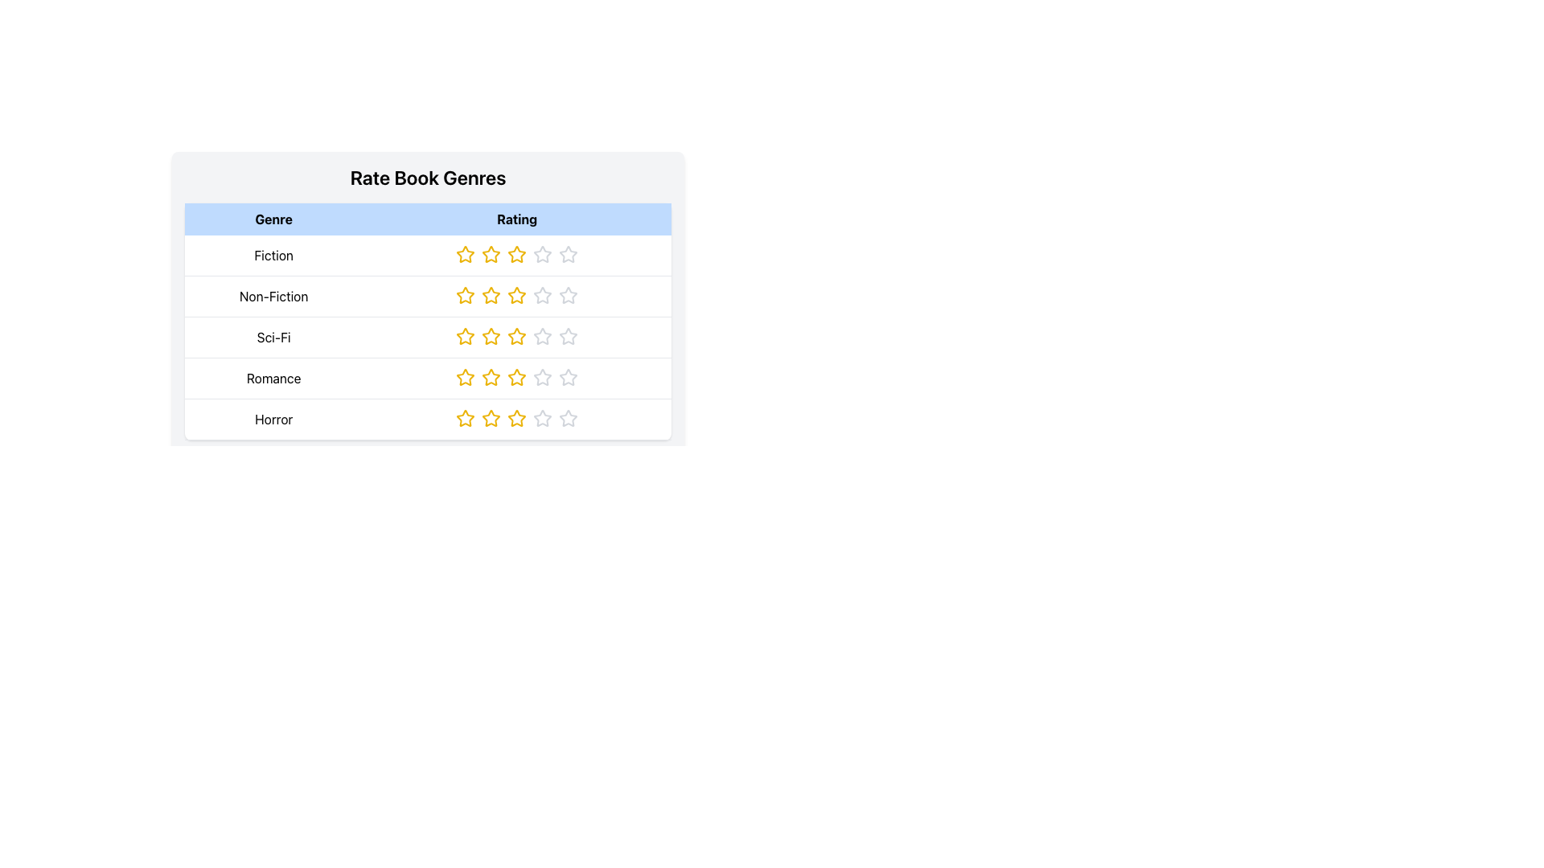 Image resolution: width=1544 pixels, height=868 pixels. What do you see at coordinates (273, 337) in the screenshot?
I see `the static text label representing the 'Sci-Fi' genre in the rating system, located in the third row of the table under the 'Genre' column header` at bounding box center [273, 337].